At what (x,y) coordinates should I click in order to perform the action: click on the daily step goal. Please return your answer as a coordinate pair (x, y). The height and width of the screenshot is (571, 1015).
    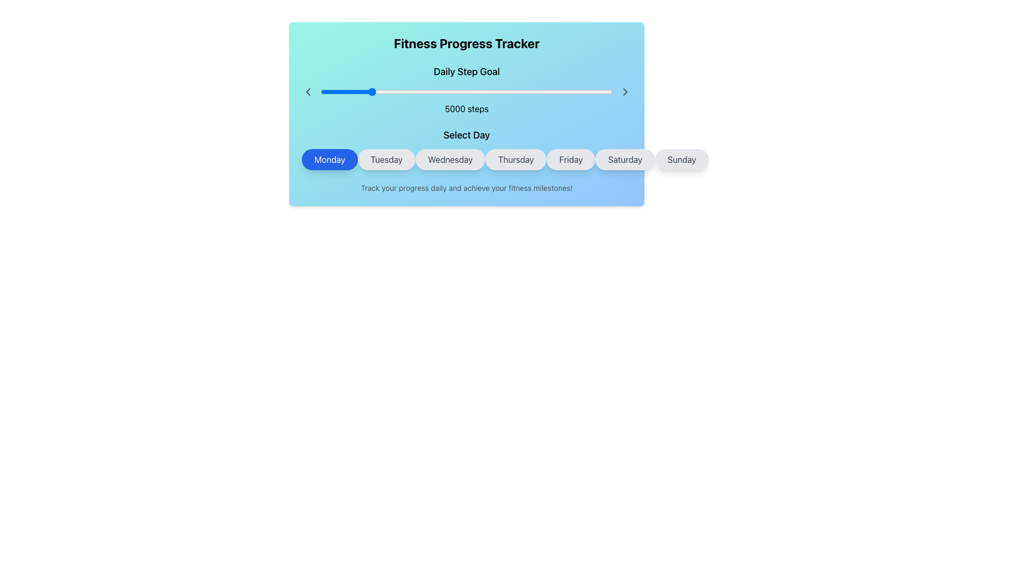
    Looking at the image, I should click on (520, 91).